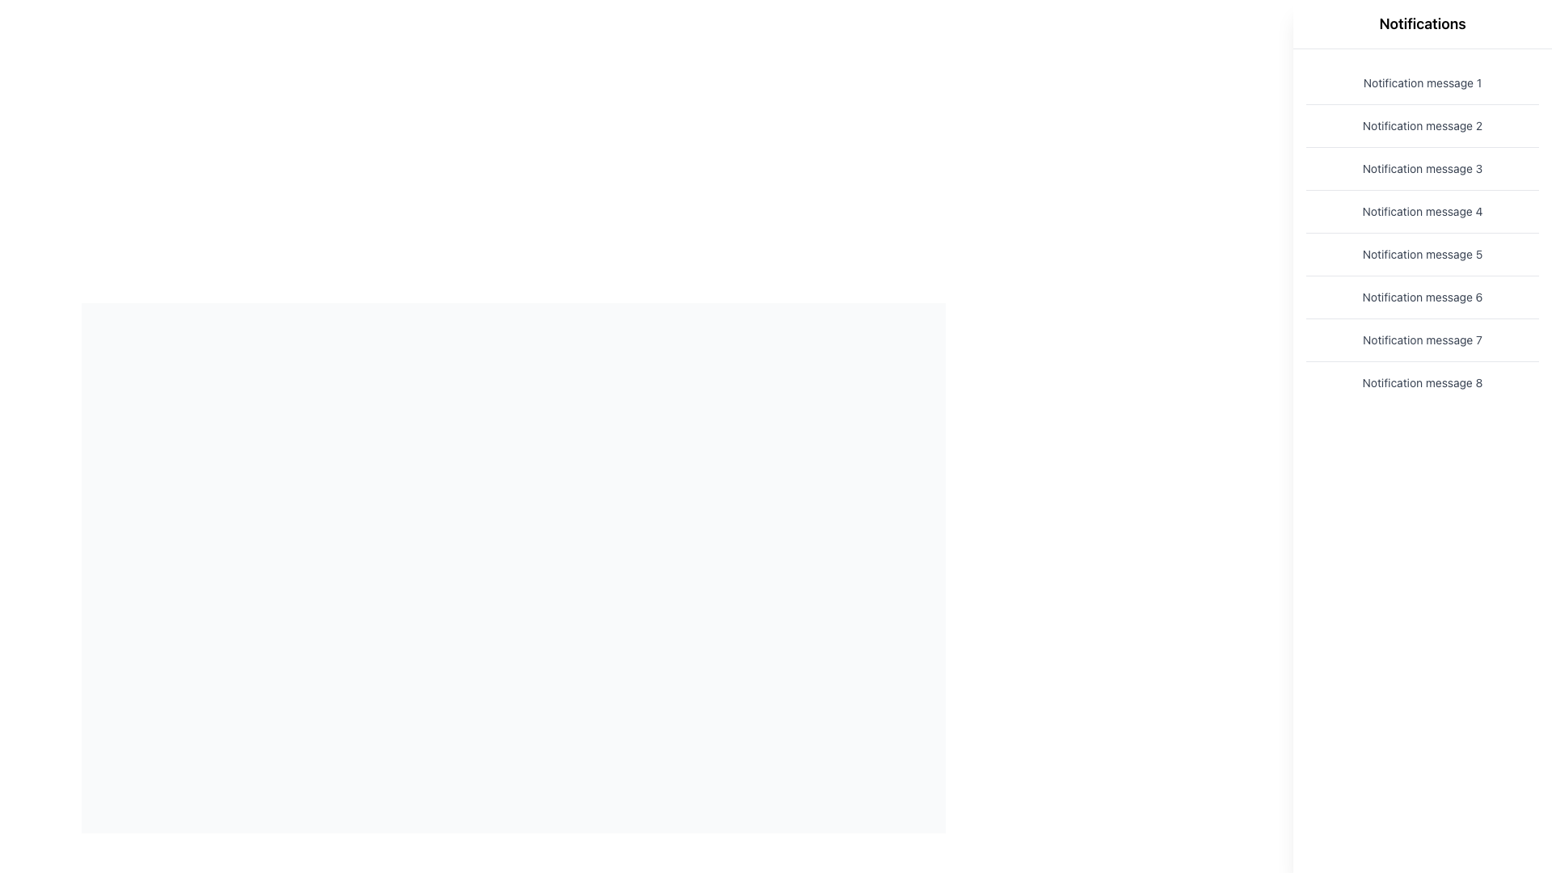  What do you see at coordinates (1423, 24) in the screenshot?
I see `the header text label for the notifications section, which is located at the top of the right-hand panel of the interface` at bounding box center [1423, 24].